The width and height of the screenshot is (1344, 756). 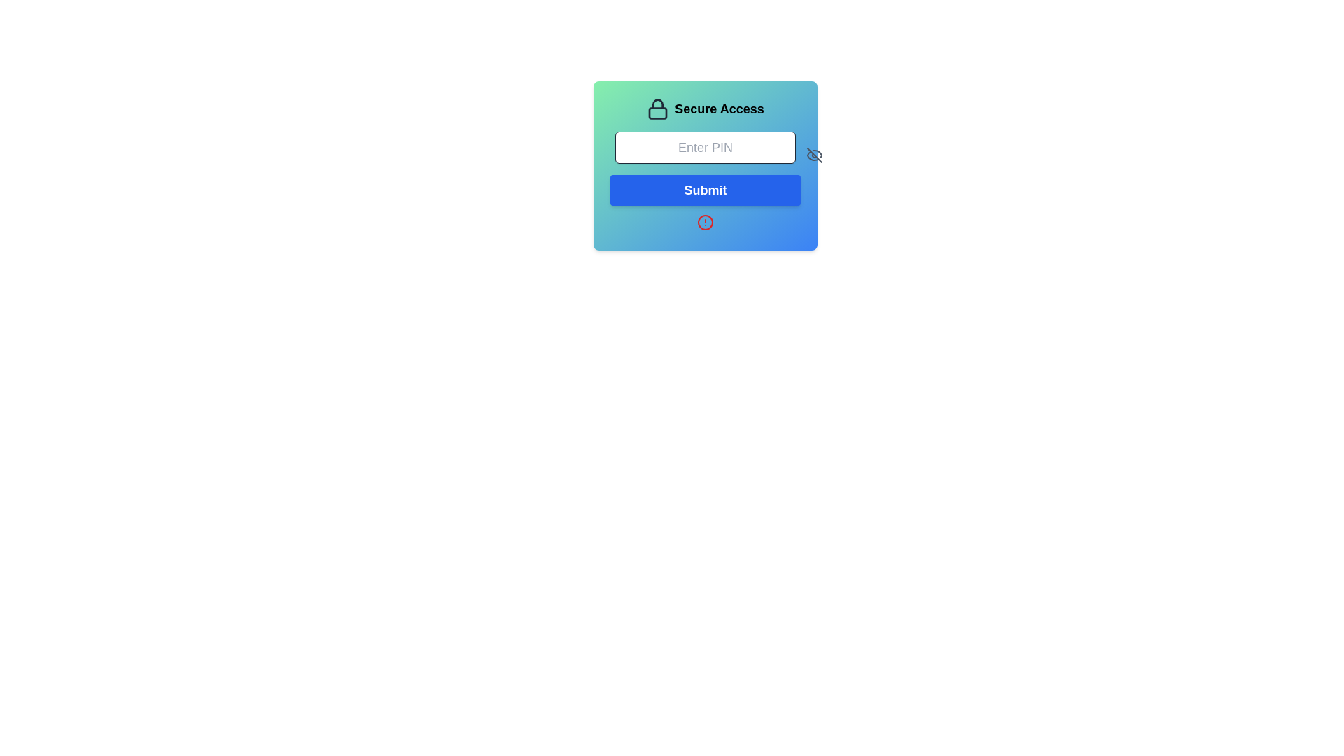 I want to click on the decorative UI component resembling the body of a lock, which is the rectangular shape with rounded corners located below the arched top of the lock icon, so click(x=657, y=113).